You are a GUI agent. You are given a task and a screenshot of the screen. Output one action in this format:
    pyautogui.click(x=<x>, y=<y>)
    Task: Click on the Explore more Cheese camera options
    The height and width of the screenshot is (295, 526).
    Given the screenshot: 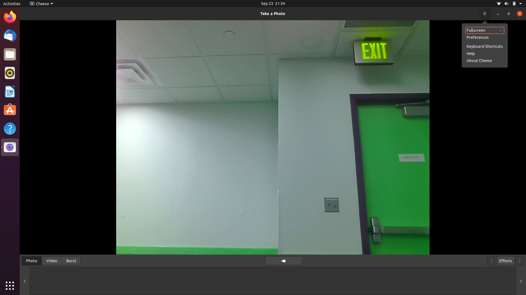 What is the action you would take?
    pyautogui.click(x=40, y=3)
    